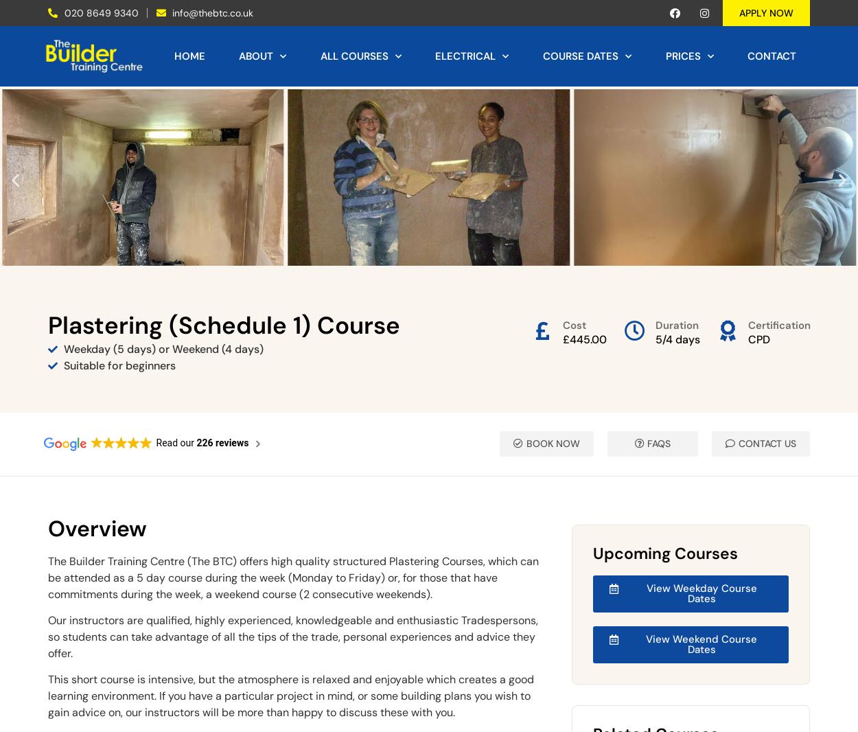  I want to click on '£445.00', so click(562, 339).